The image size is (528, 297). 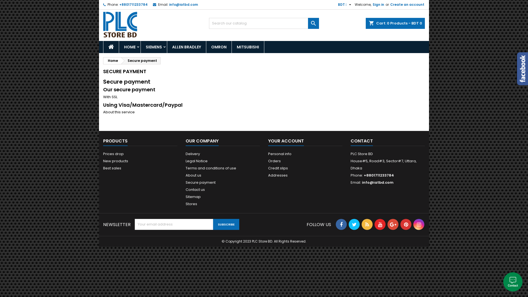 What do you see at coordinates (195, 189) in the screenshot?
I see `'Contact us'` at bounding box center [195, 189].